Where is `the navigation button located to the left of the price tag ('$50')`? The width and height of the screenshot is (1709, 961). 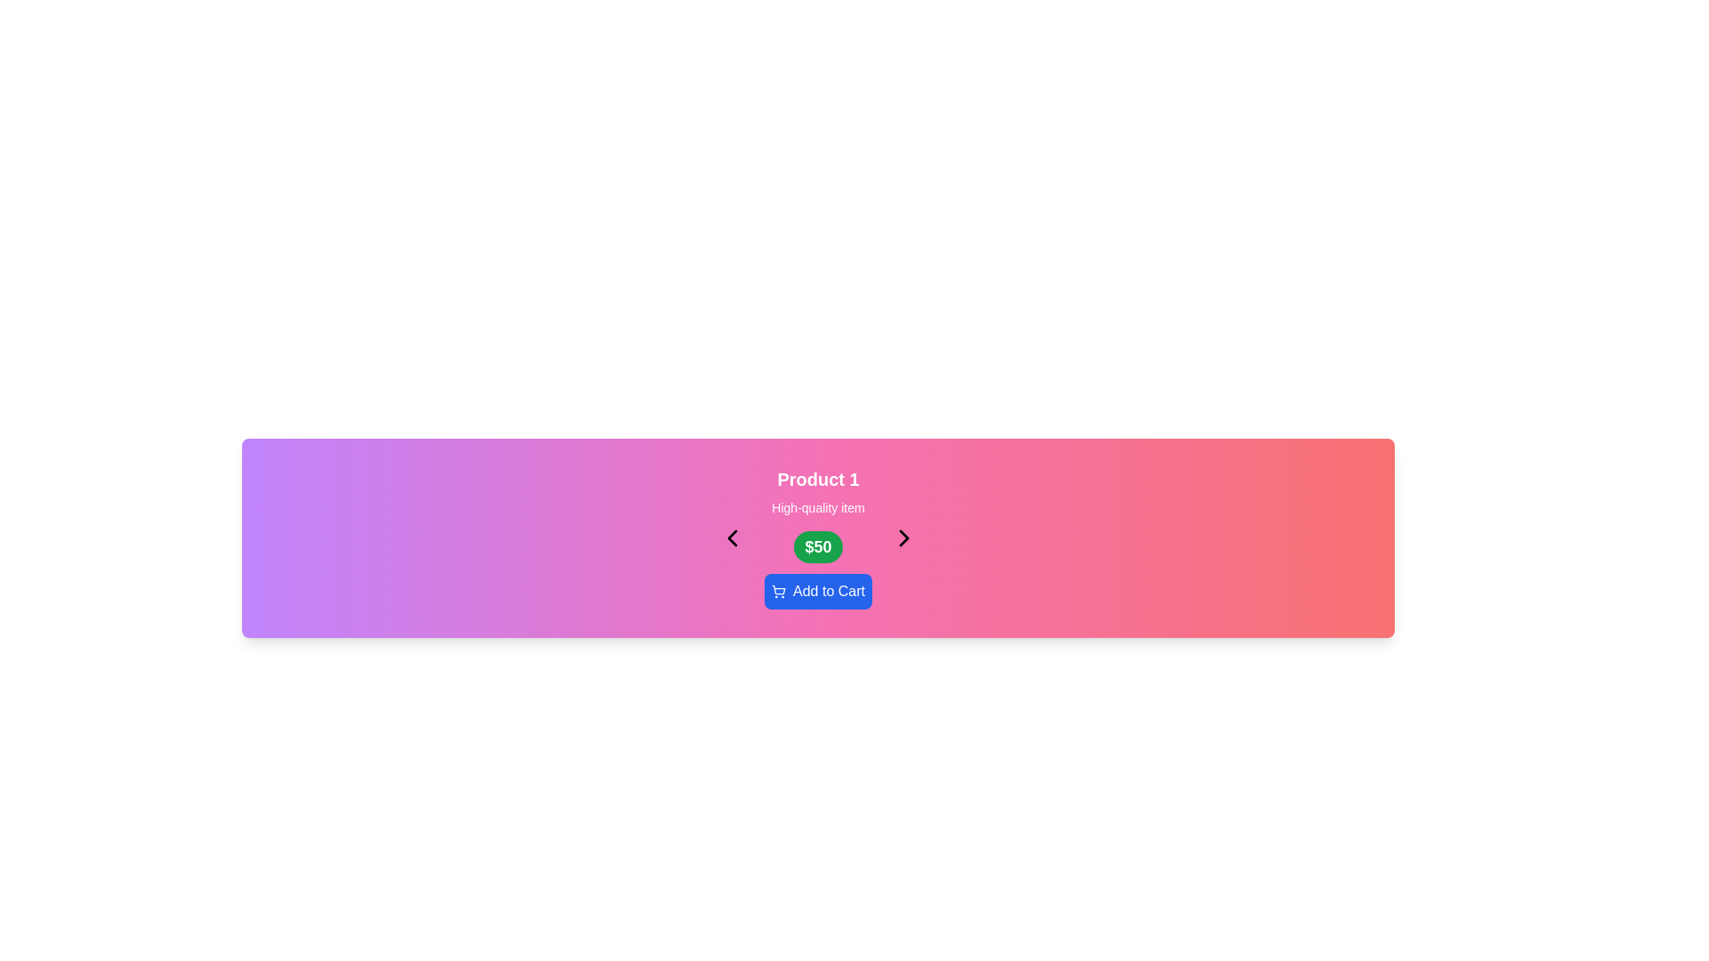 the navigation button located to the left of the price tag ('$50') is located at coordinates (733, 537).